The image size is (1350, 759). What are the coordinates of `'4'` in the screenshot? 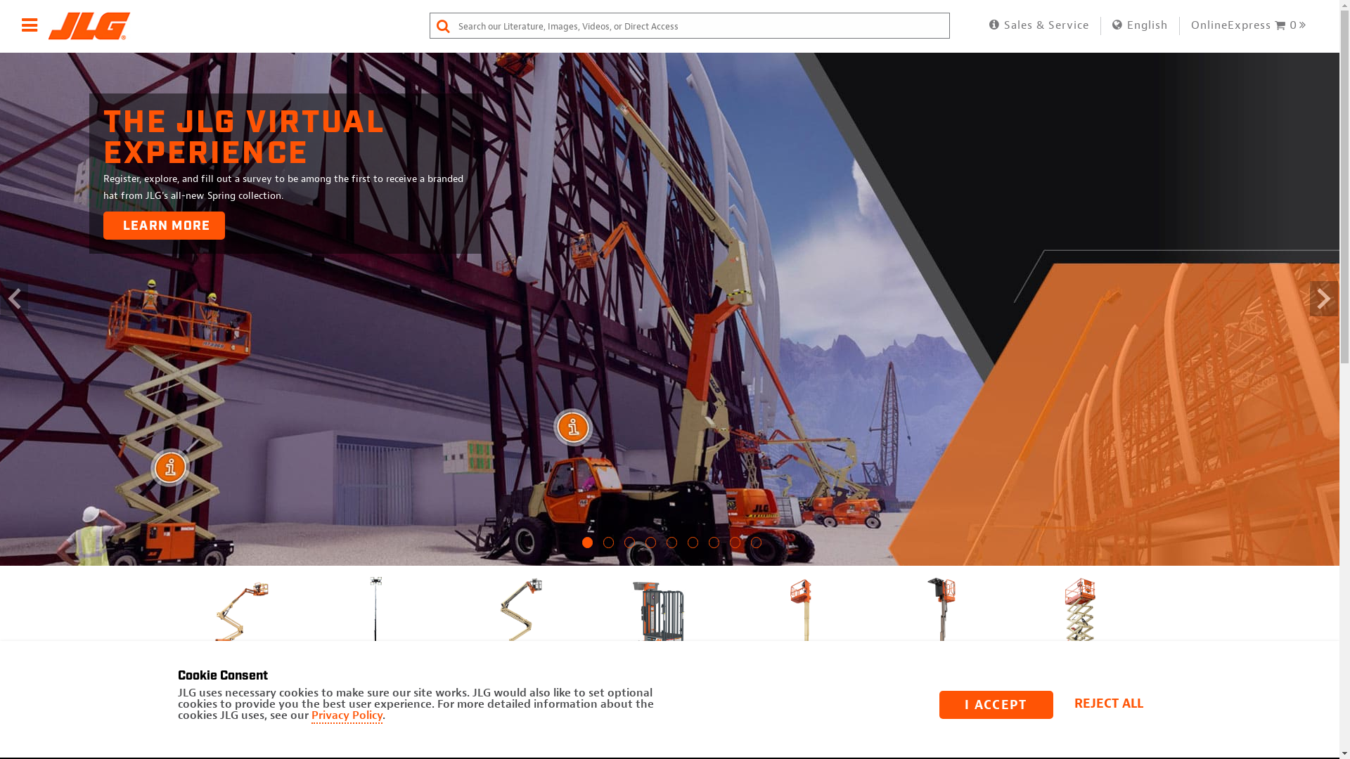 It's located at (650, 547).